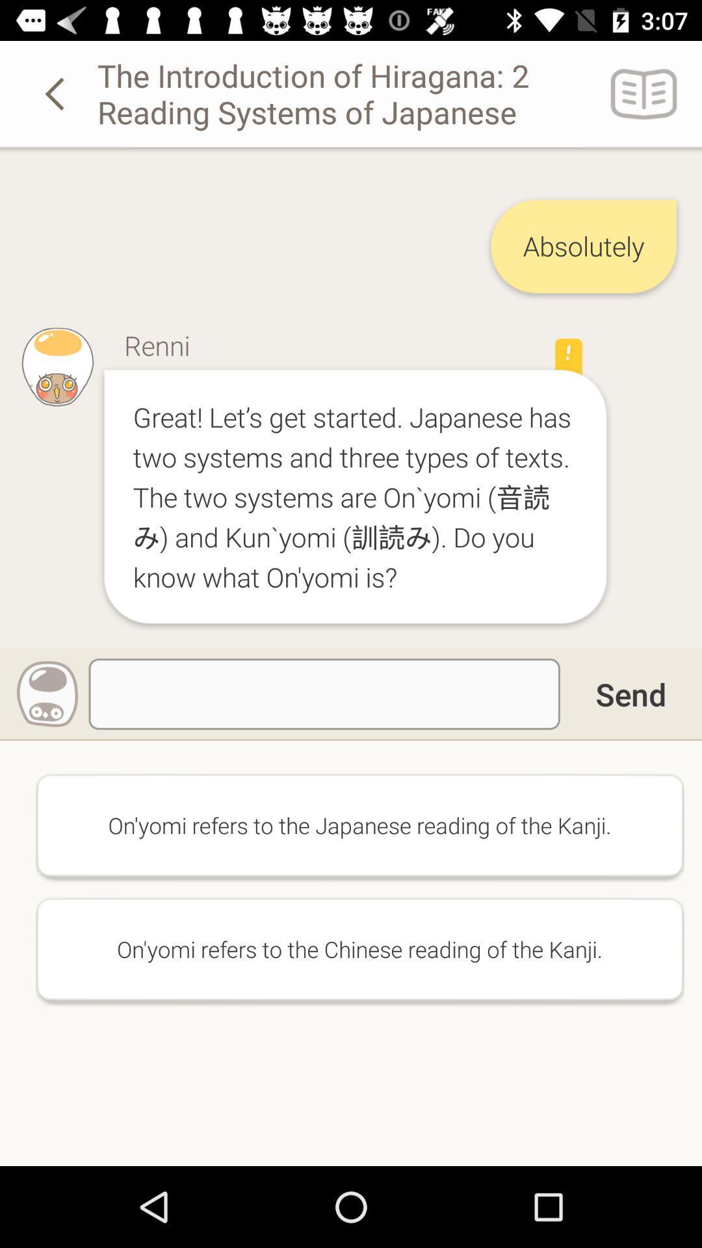  Describe the element at coordinates (57, 93) in the screenshot. I see `the arrow_backward icon` at that location.